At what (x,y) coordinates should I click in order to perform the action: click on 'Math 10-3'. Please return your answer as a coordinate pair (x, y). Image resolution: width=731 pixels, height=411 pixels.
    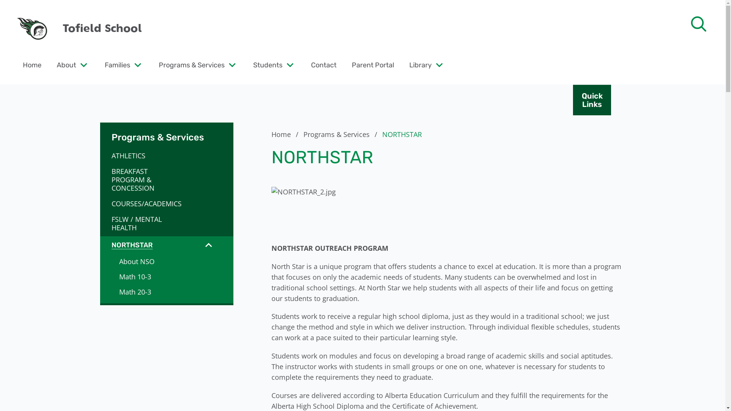
    Looking at the image, I should click on (166, 276).